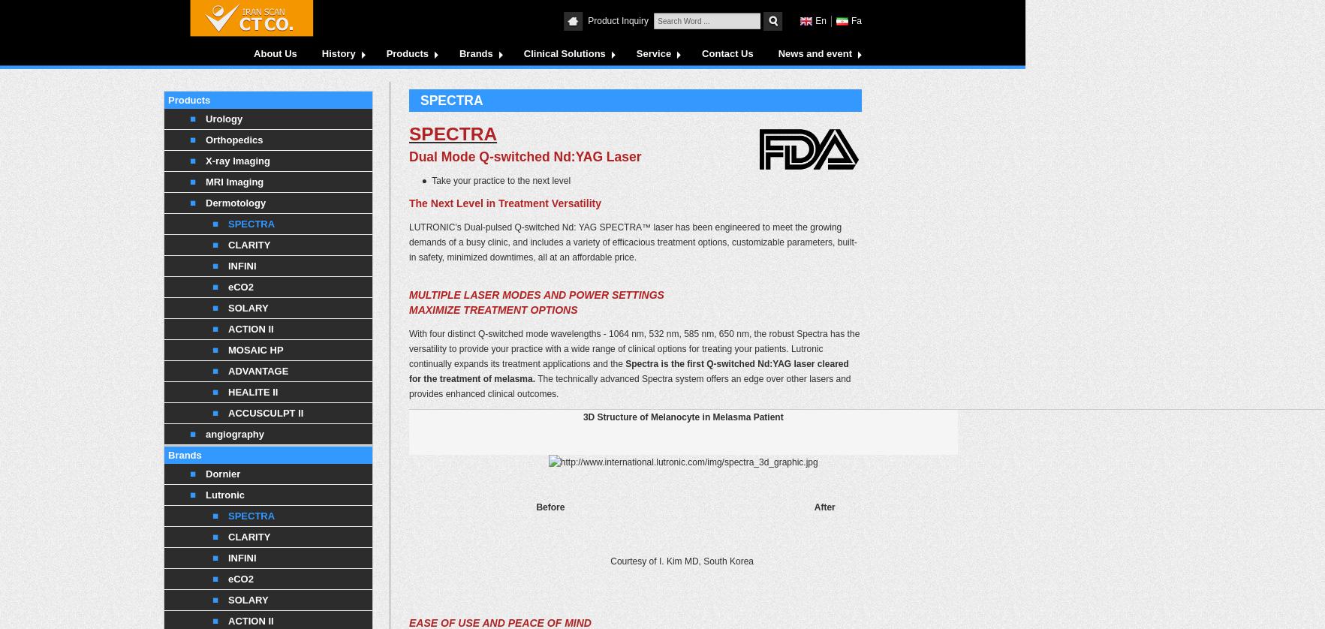 The height and width of the screenshot is (629, 1325). Describe the element at coordinates (824, 507) in the screenshot. I see `'After'` at that location.